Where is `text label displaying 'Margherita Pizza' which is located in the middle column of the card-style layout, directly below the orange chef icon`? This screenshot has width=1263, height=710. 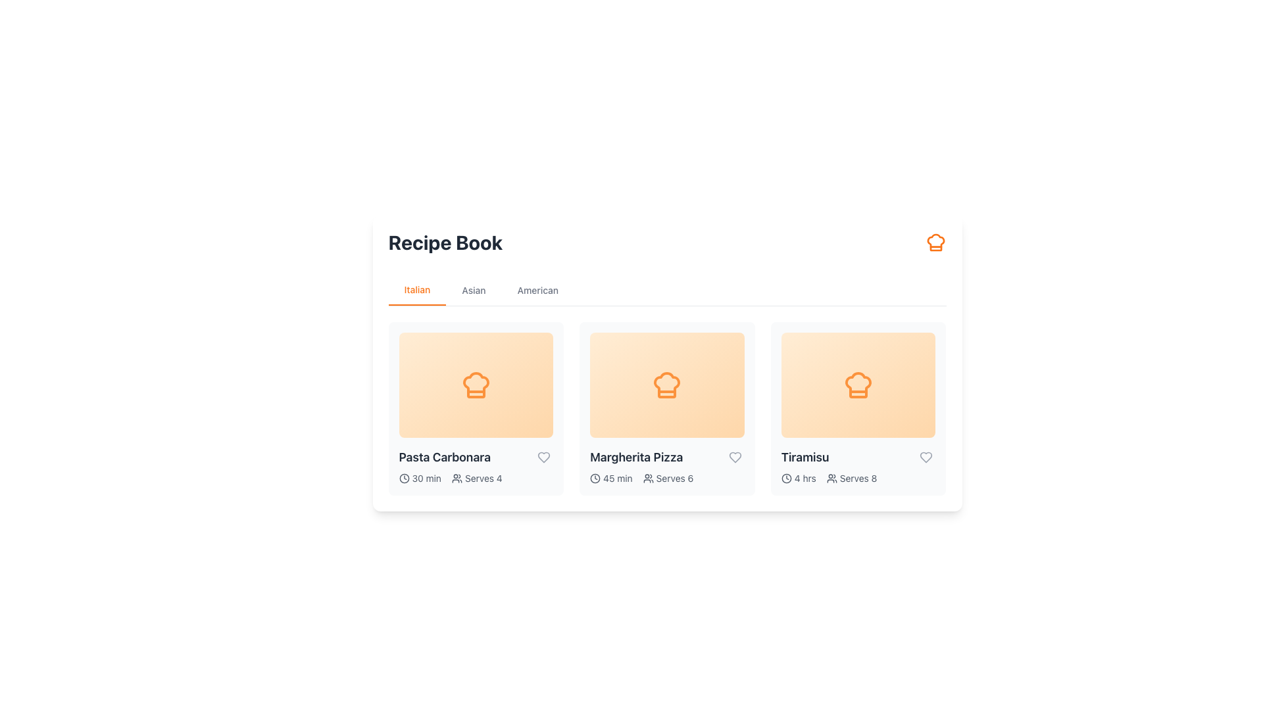
text label displaying 'Margherita Pizza' which is located in the middle column of the card-style layout, directly below the orange chef icon is located at coordinates (636, 456).